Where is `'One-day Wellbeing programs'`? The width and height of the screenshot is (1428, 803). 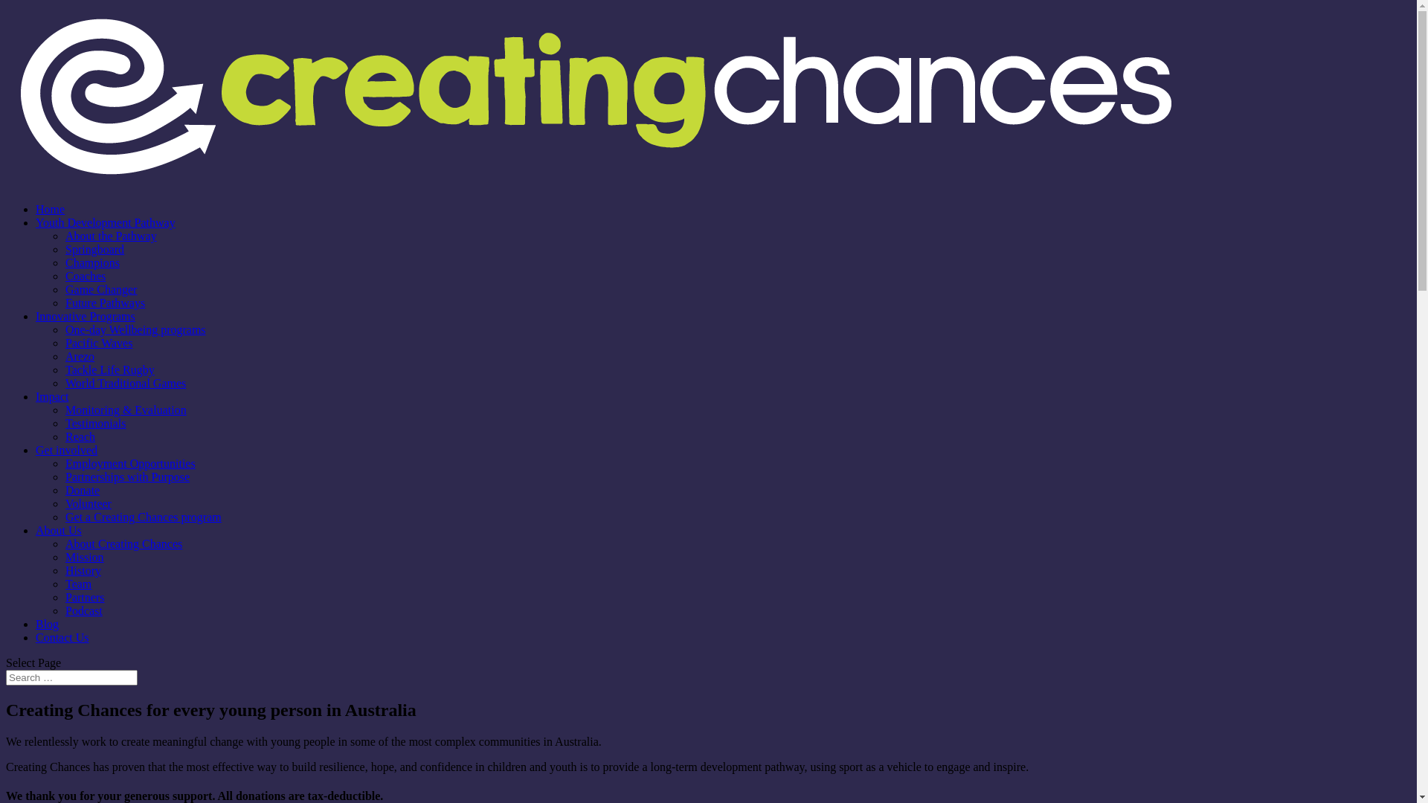
'One-day Wellbeing programs' is located at coordinates (135, 329).